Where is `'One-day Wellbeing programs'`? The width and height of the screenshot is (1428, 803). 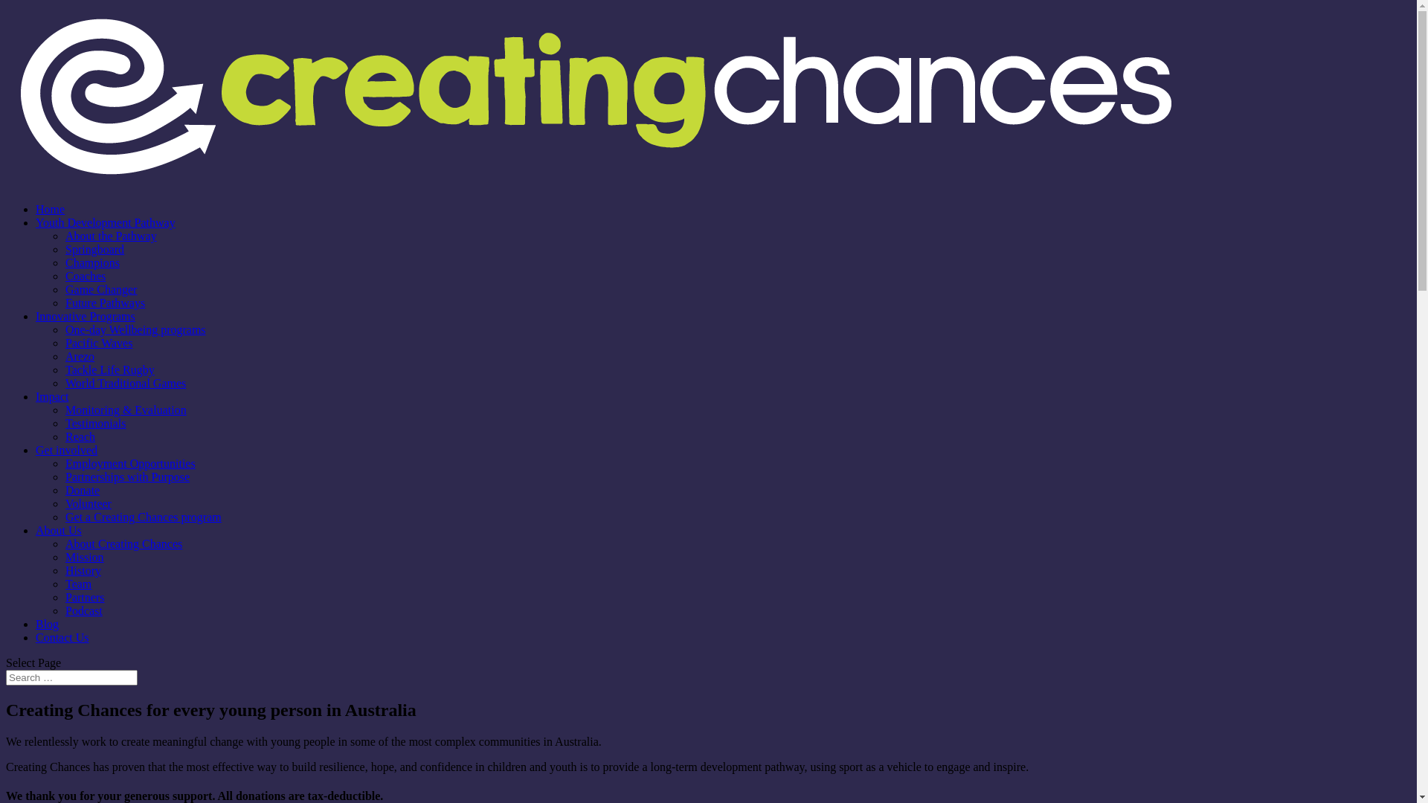
'One-day Wellbeing programs' is located at coordinates (135, 329).